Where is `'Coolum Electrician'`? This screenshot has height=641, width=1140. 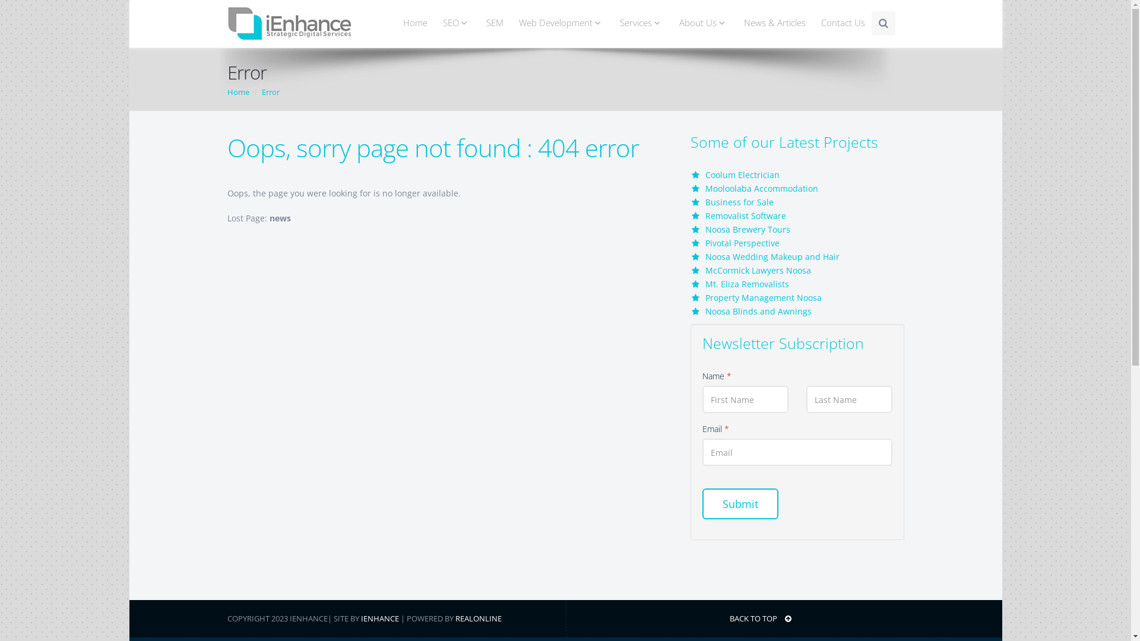
'Coolum Electrician' is located at coordinates (705, 174).